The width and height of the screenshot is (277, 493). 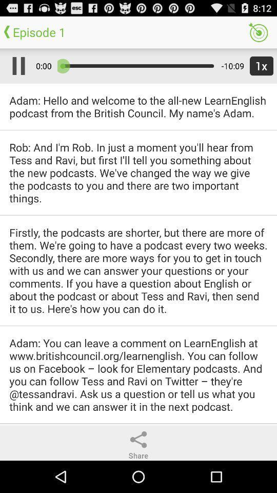 What do you see at coordinates (16, 65) in the screenshot?
I see `item to the left of 0:00 app` at bounding box center [16, 65].